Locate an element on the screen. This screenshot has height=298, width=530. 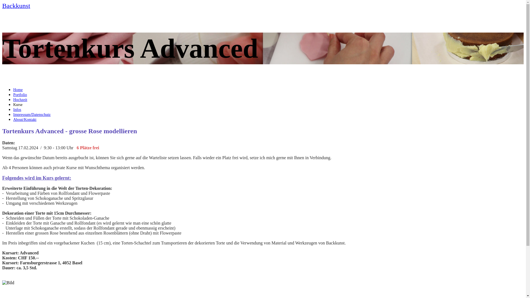
'Hochzeit' is located at coordinates (20, 100).